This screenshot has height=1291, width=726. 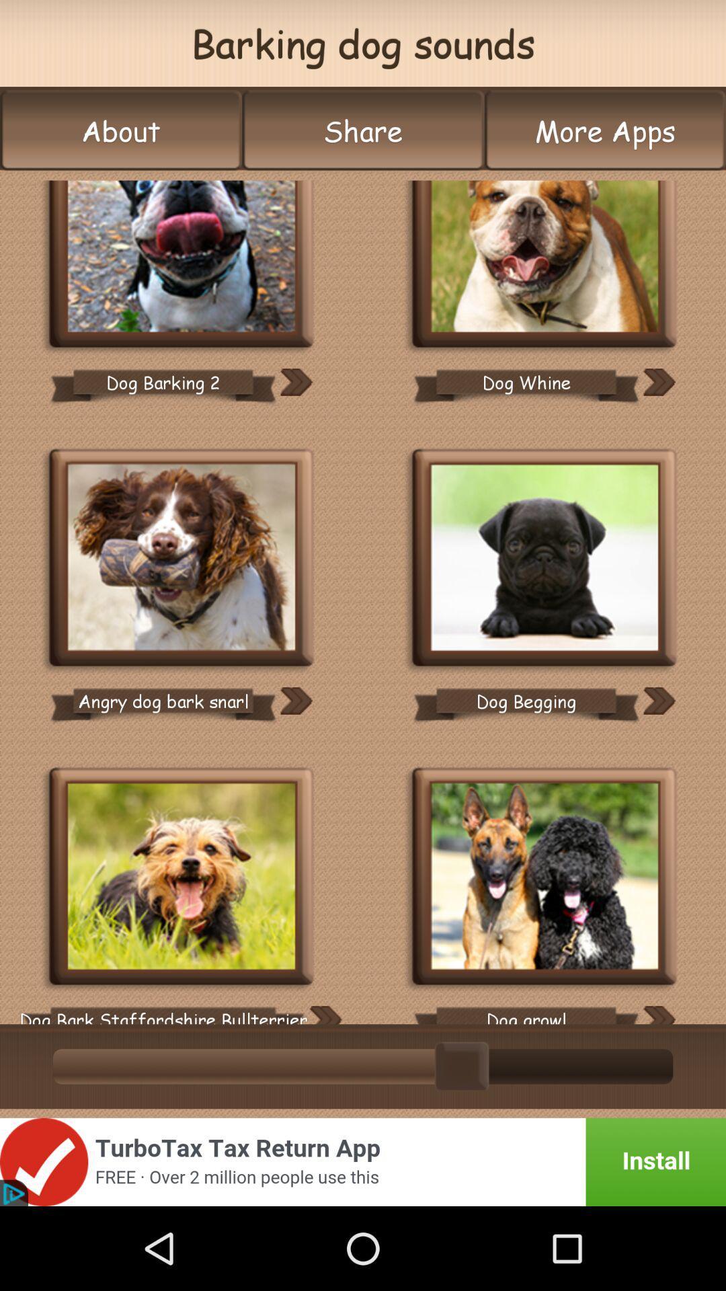 I want to click on the dog growl icon, so click(x=526, y=1010).